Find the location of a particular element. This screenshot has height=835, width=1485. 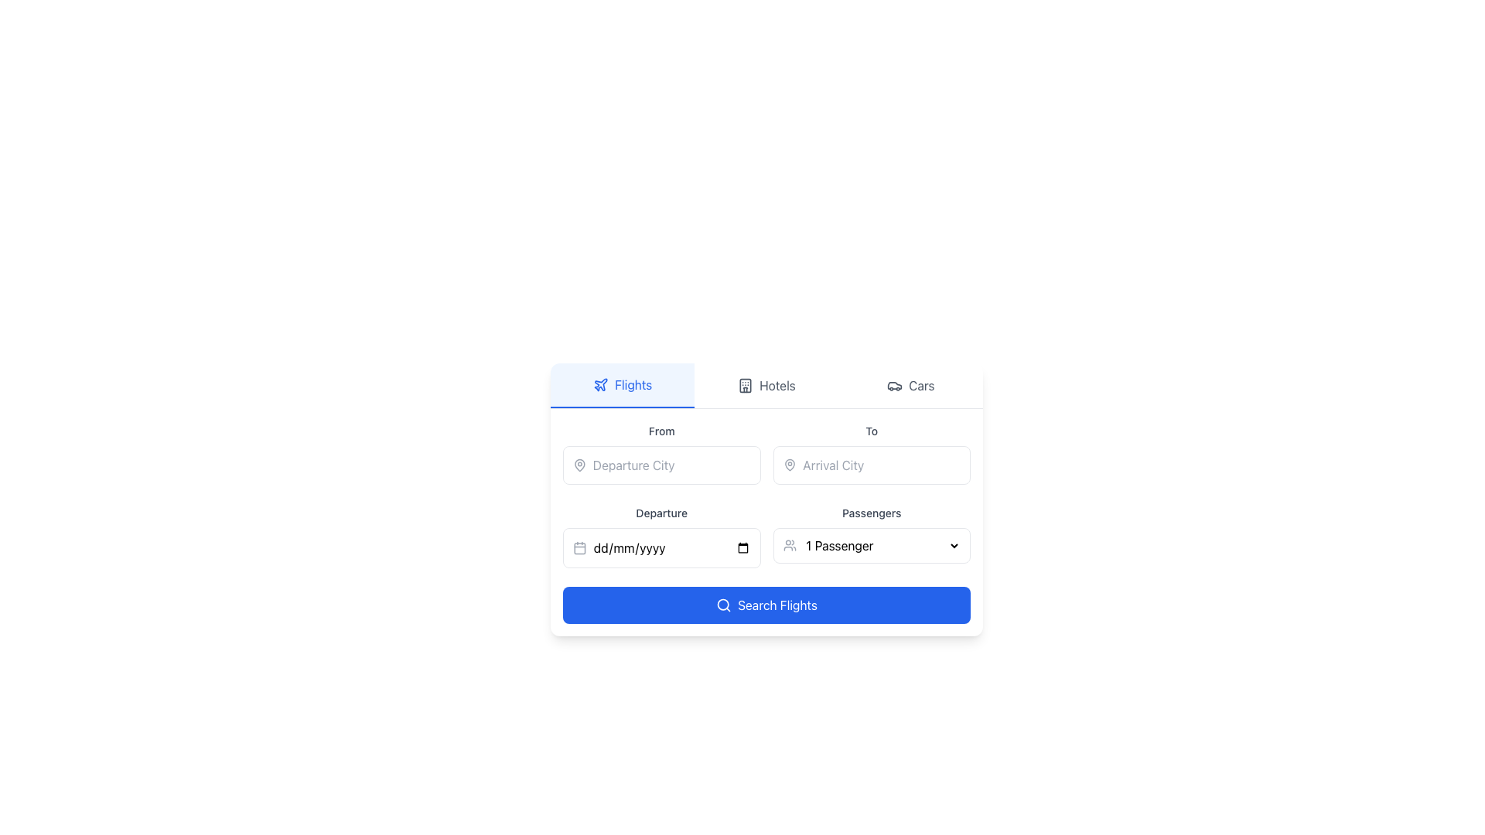

the bottom-most button in the form that initiates a search for flights based on the input parameters is located at coordinates (766, 605).